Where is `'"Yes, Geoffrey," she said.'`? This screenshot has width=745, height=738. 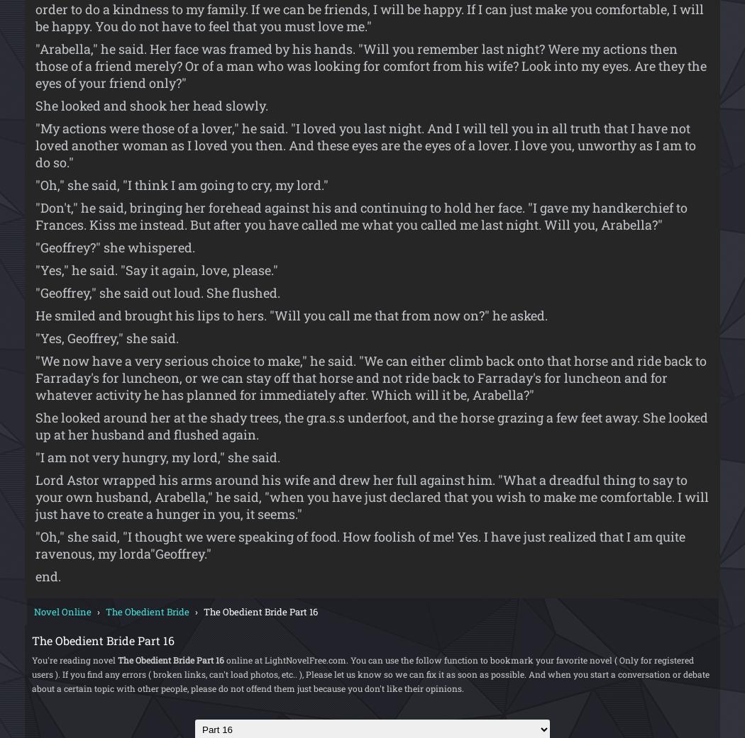
'"Yes, Geoffrey," she said.' is located at coordinates (106, 337).